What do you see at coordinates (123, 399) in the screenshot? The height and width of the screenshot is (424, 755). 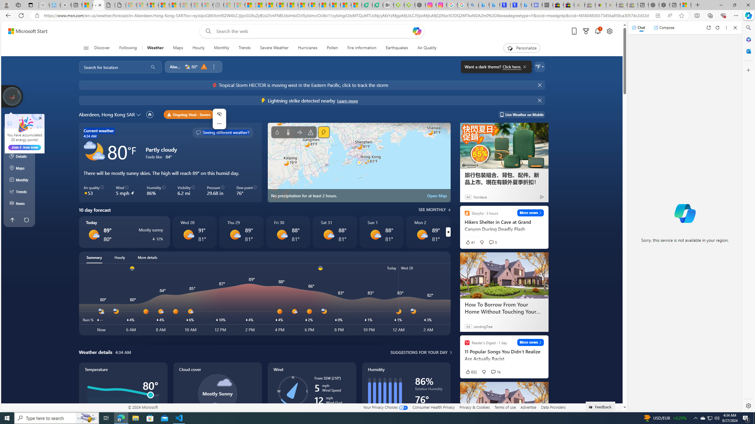 I see `'Temperature'` at bounding box center [123, 399].